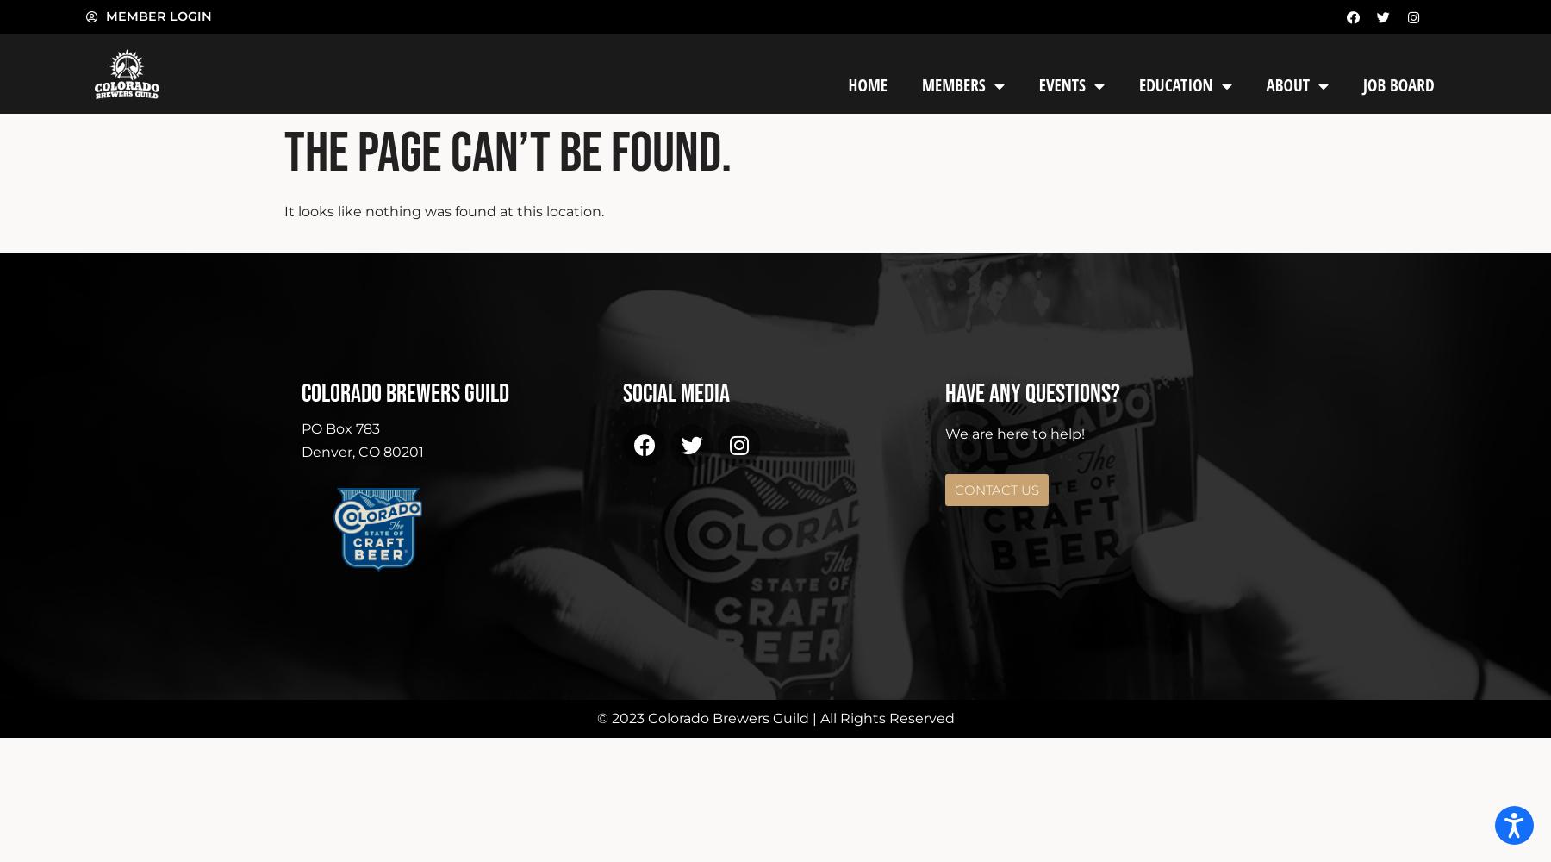 Image resolution: width=1551 pixels, height=862 pixels. What do you see at coordinates (775, 716) in the screenshot?
I see `'© 2023 Colorado Brewers Guild | All Rights Reserved'` at bounding box center [775, 716].